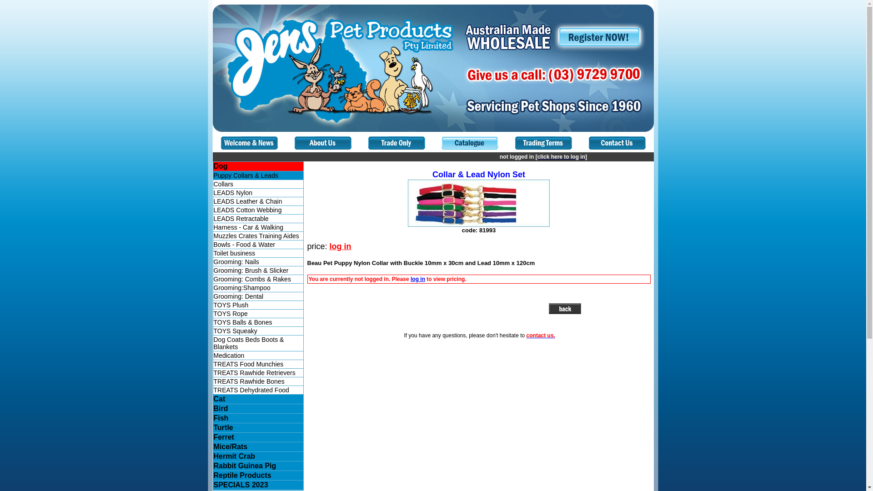  What do you see at coordinates (257, 261) in the screenshot?
I see `'Grooming: Nails'` at bounding box center [257, 261].